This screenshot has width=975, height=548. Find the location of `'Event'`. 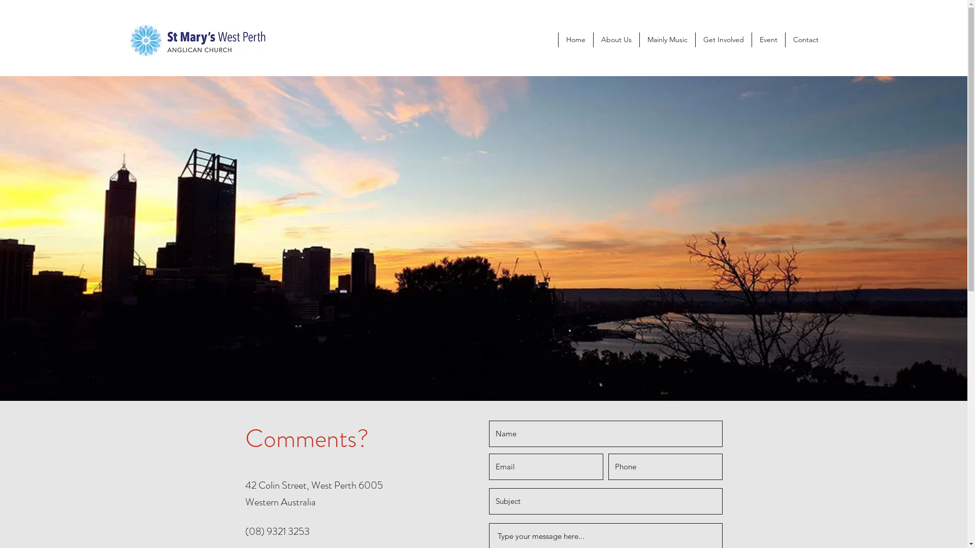

'Event' is located at coordinates (768, 39).